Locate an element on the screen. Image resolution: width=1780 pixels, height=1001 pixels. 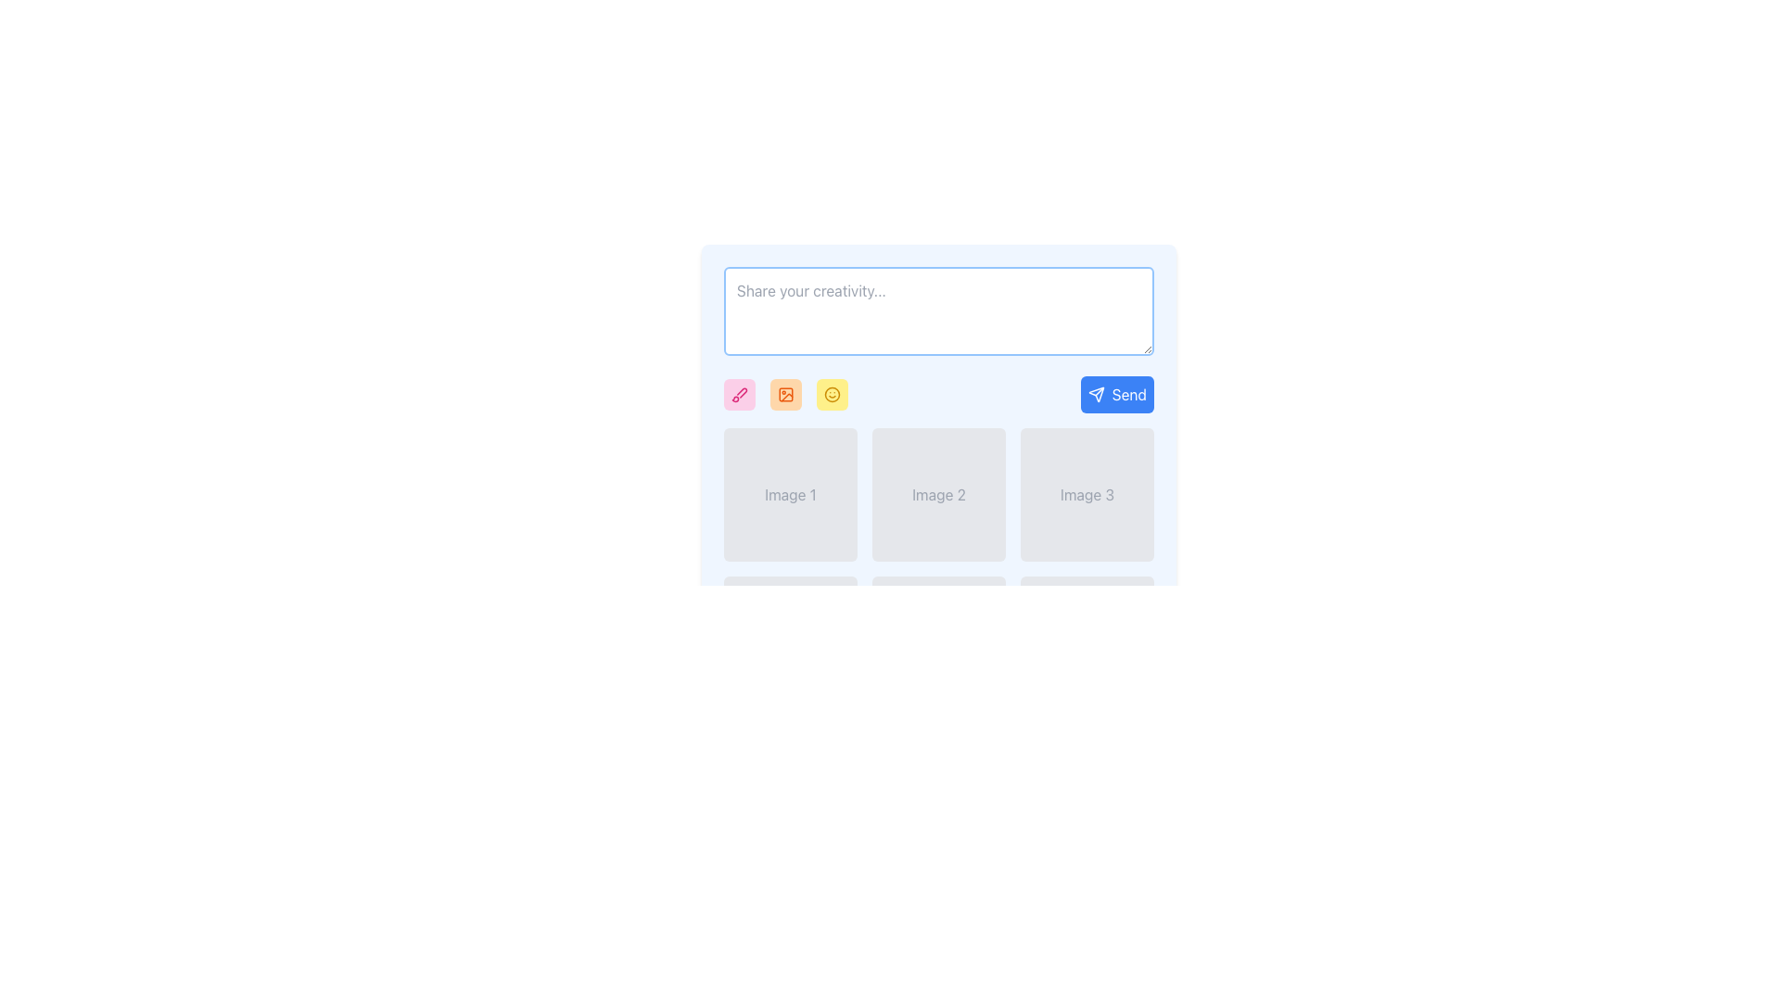
the image placeholder located centrally in the top row of the grid layout, between 'Image 1' and 'Image 3' is located at coordinates (938, 493).